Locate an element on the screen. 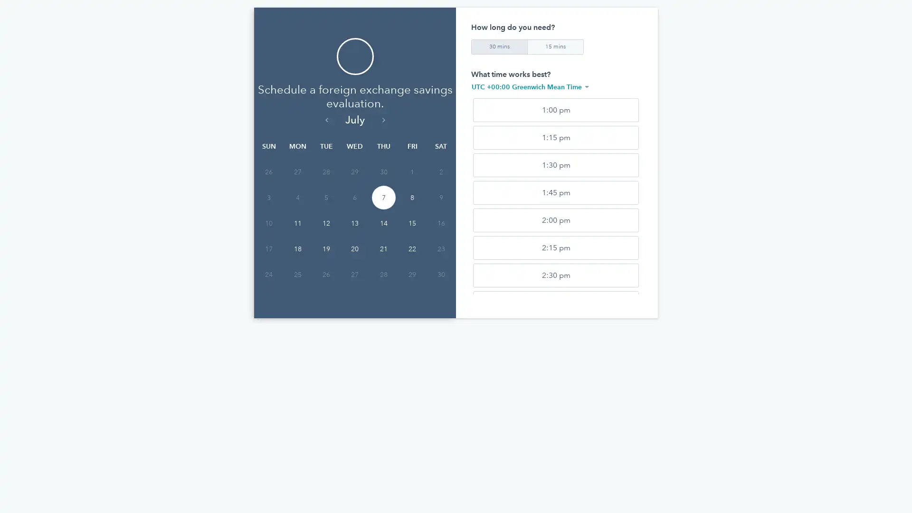 This screenshot has height=513, width=912. June 26th is located at coordinates (268, 172).